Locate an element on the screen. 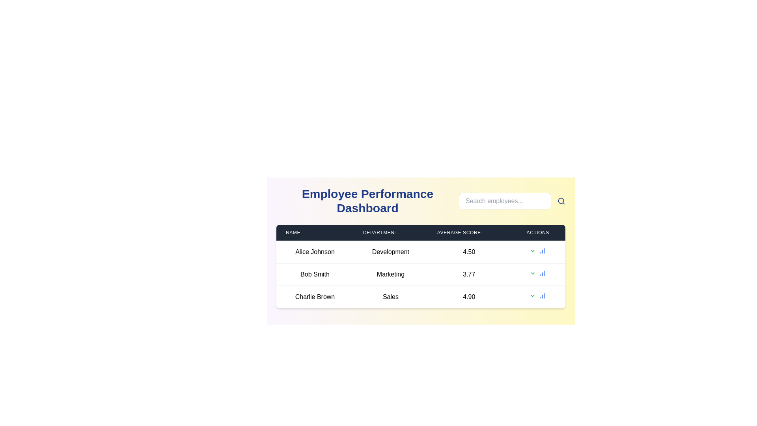 The width and height of the screenshot is (757, 426). the third row in the Employee Performance Dashboard table displaying information about 'Charlie Brown' is located at coordinates (420, 297).